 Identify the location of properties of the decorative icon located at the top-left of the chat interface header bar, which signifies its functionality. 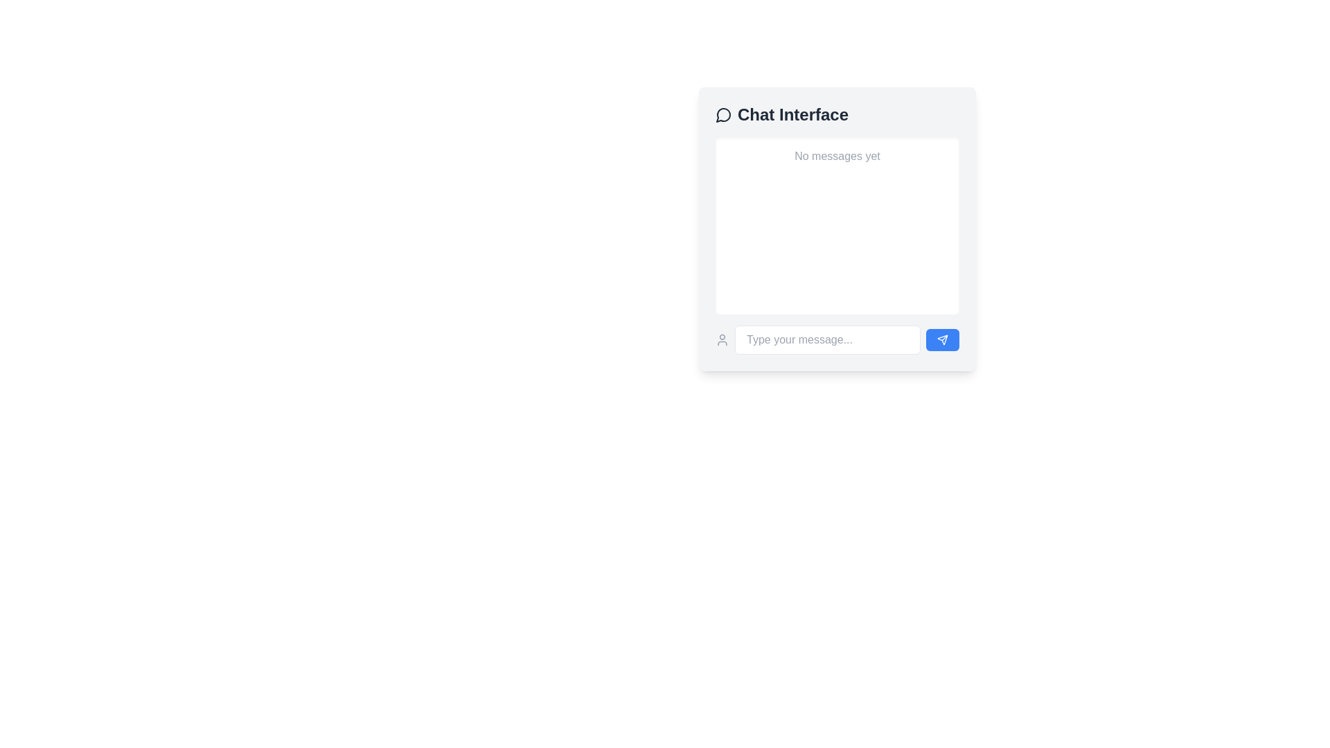
(722, 114).